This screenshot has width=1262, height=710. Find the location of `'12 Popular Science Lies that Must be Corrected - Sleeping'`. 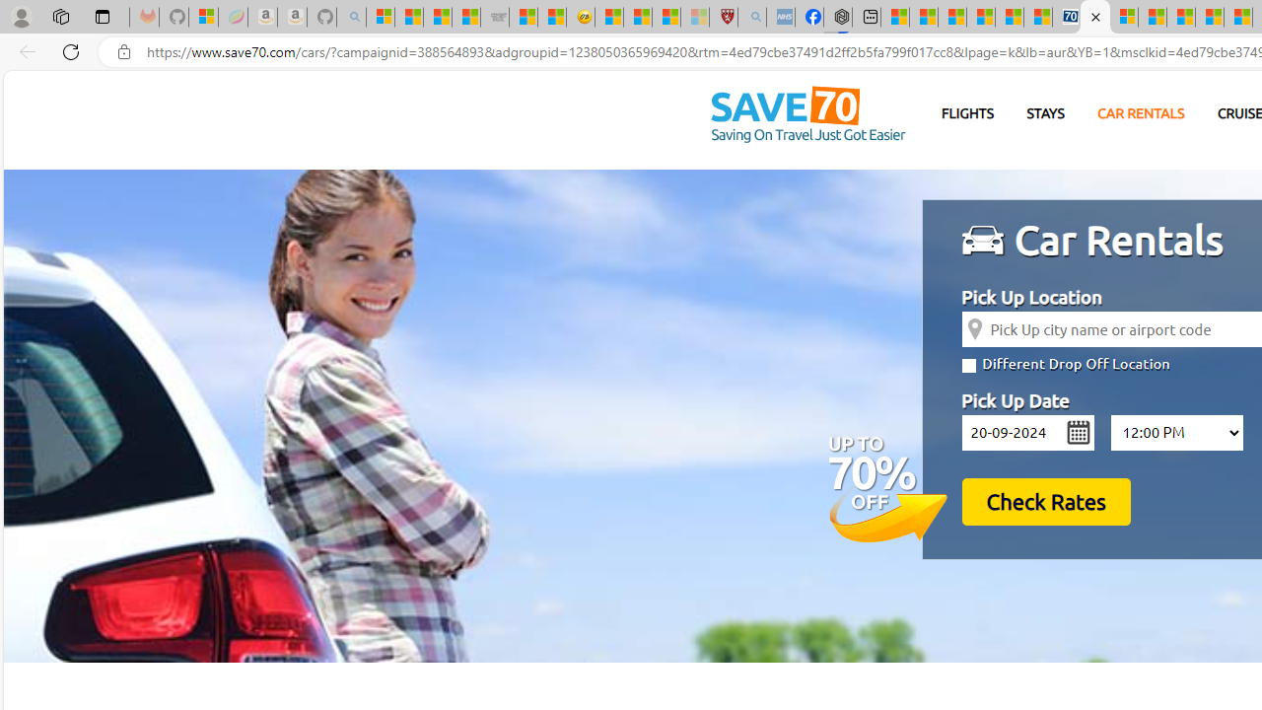

'12 Popular Science Lies that Must be Corrected - Sleeping' is located at coordinates (695, 17).